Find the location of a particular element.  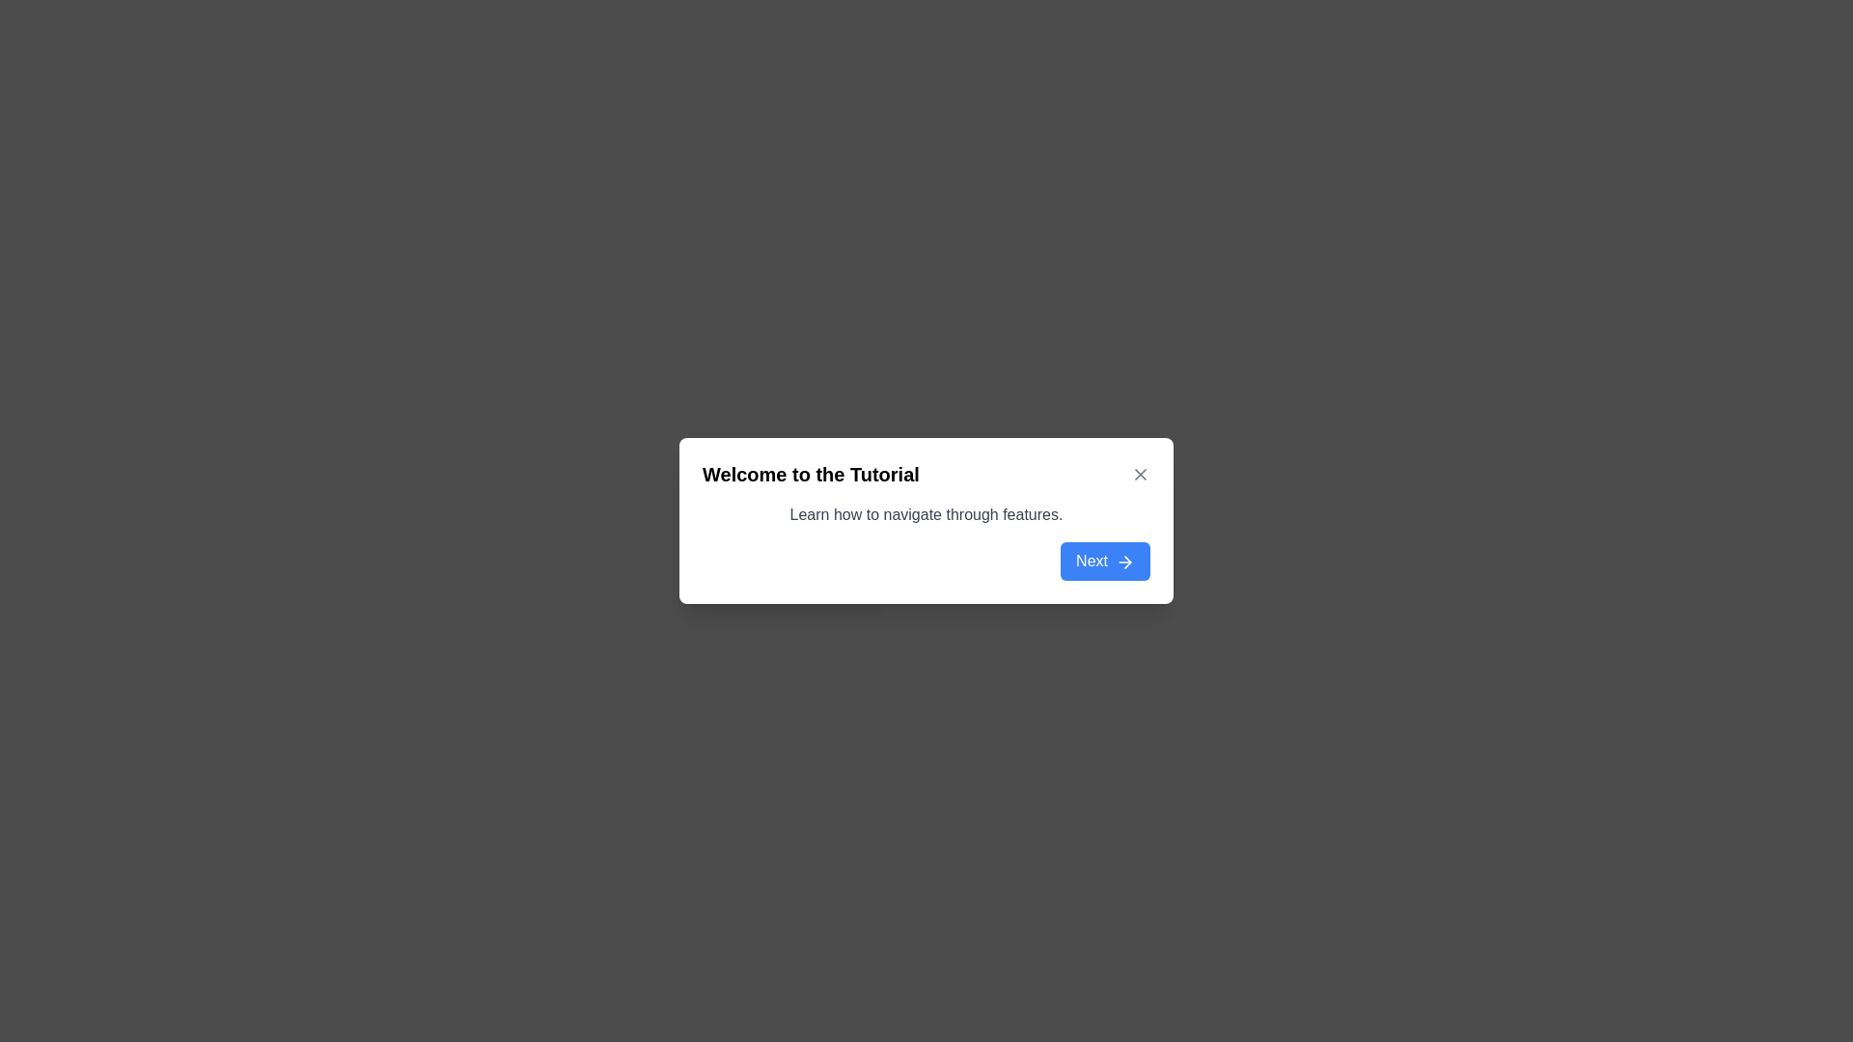

the prominent button located at the bottom-right corner of the modal window is located at coordinates (1105, 562).